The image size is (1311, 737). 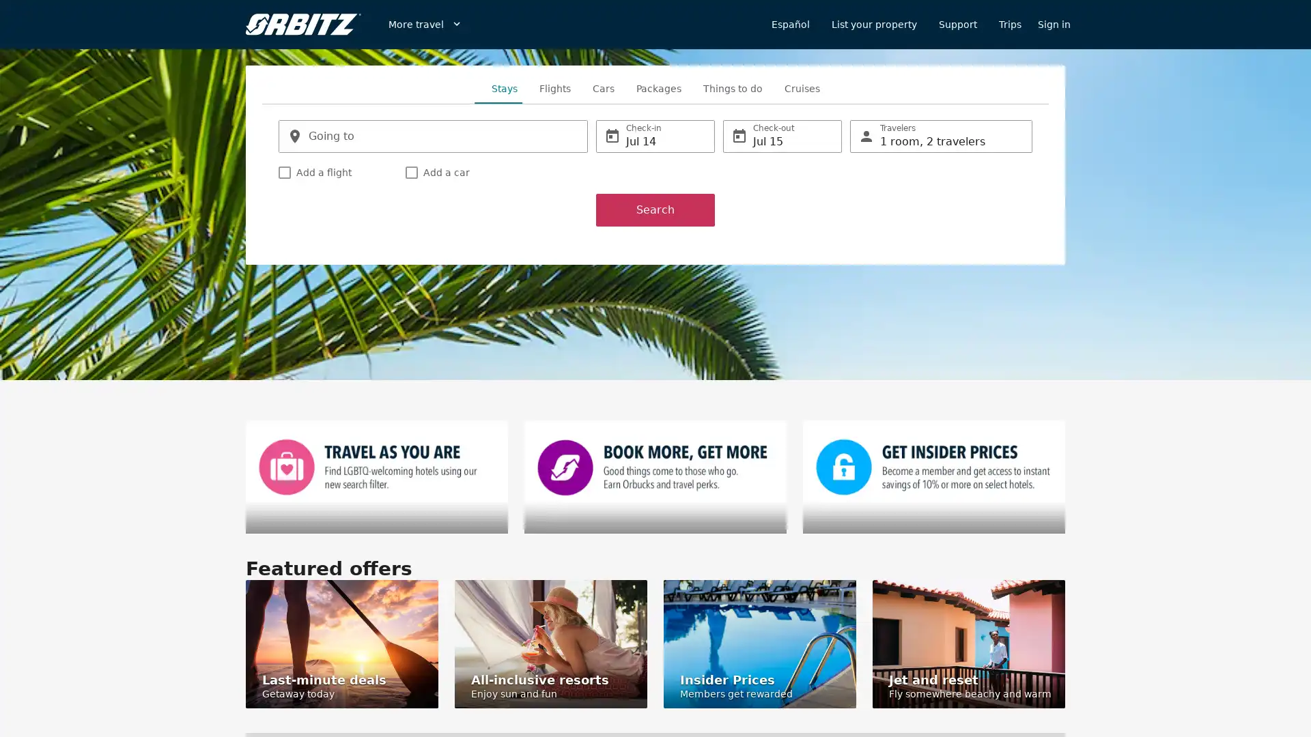 I want to click on Check-out July 15, 2022, so click(x=783, y=136).